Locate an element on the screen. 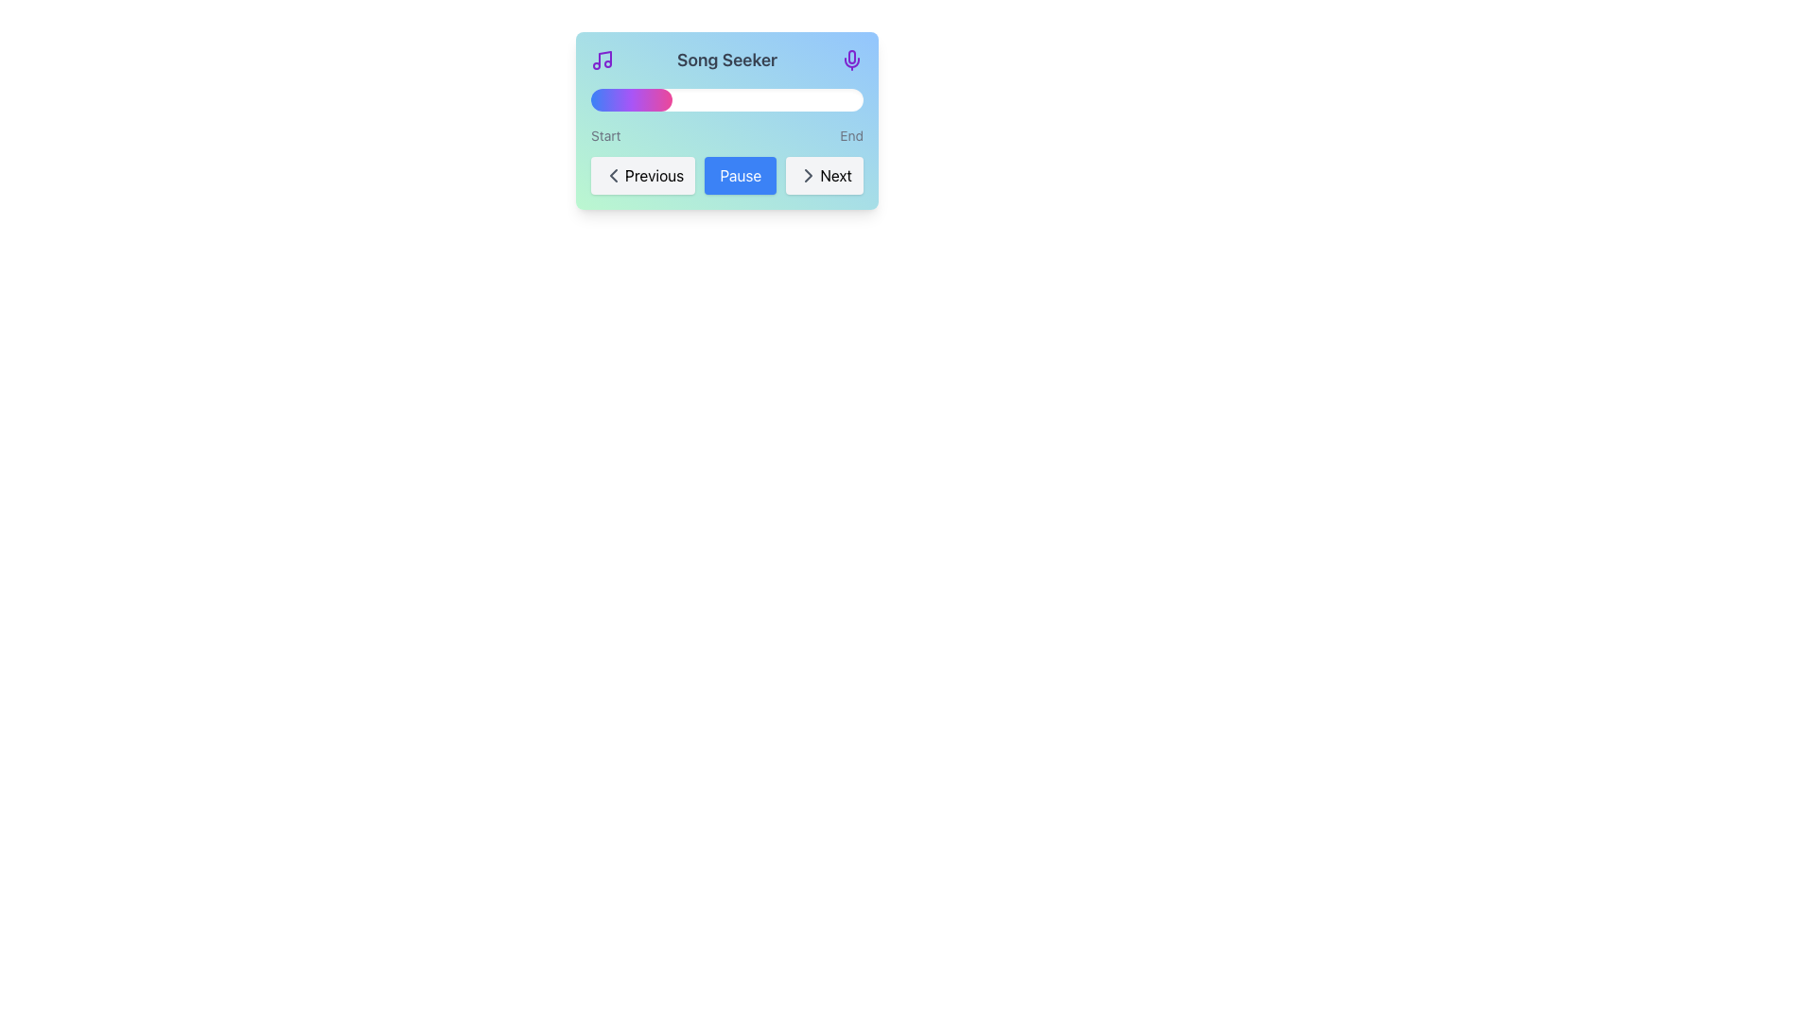  the 'Pause' button, which is a rectangular button with a vibrant blue background and white text, positioned between the 'Previous' and 'Next' buttons is located at coordinates (740, 175).